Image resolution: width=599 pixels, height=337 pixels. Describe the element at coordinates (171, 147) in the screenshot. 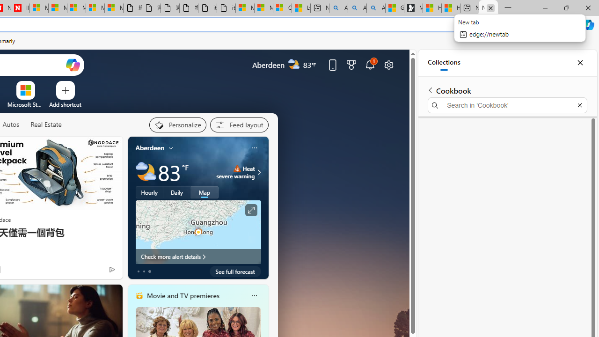

I see `'My location'` at that location.